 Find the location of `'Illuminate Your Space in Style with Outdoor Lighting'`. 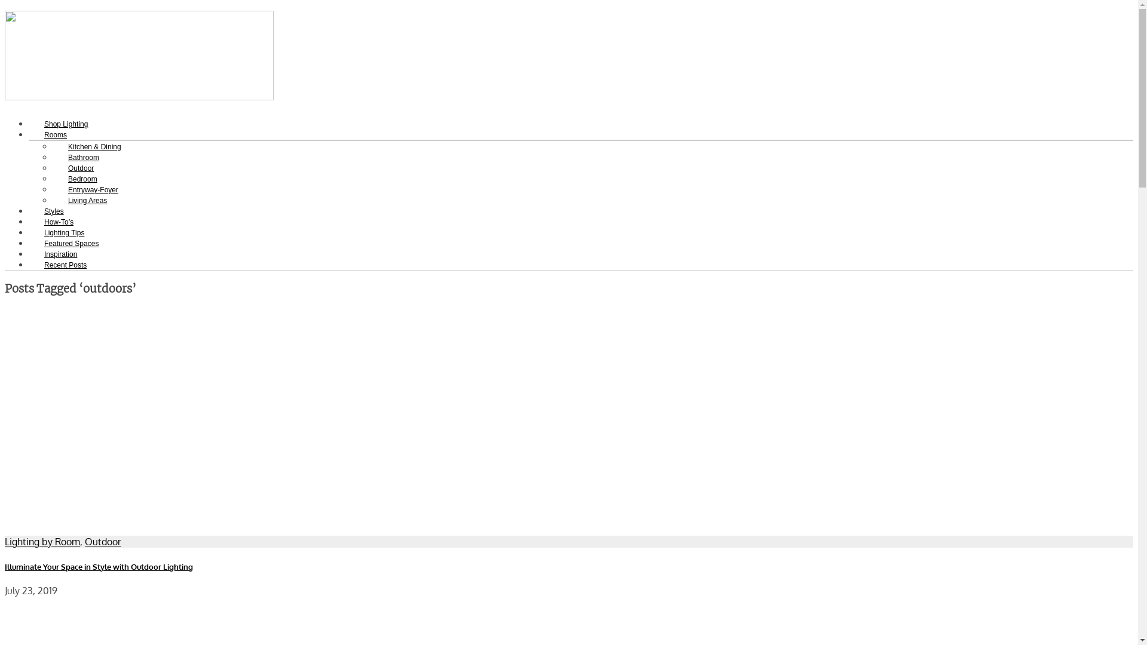

'Illuminate Your Space in Style with Outdoor Lighting' is located at coordinates (99, 566).